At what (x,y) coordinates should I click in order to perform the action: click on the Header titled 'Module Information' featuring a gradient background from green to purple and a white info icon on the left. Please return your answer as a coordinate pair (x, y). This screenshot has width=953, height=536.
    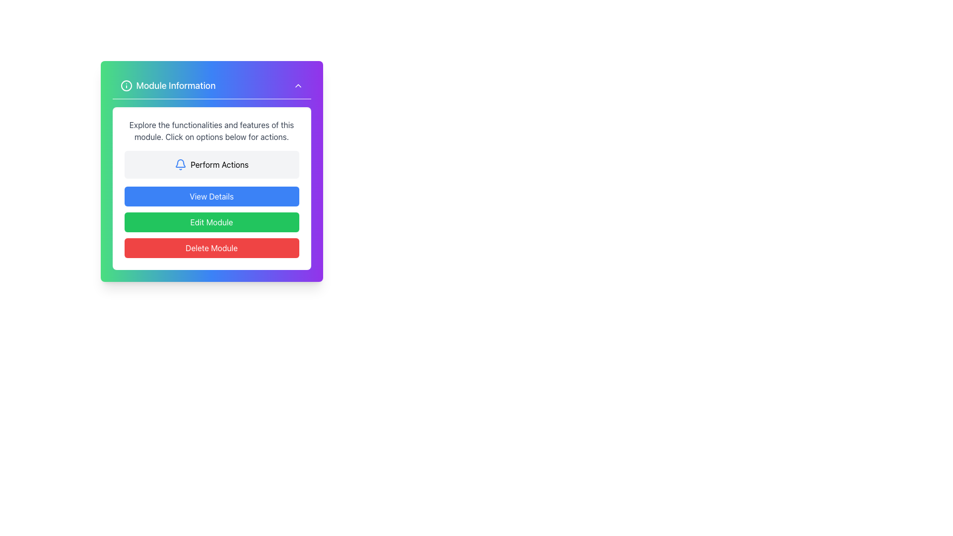
    Looking at the image, I should click on (211, 85).